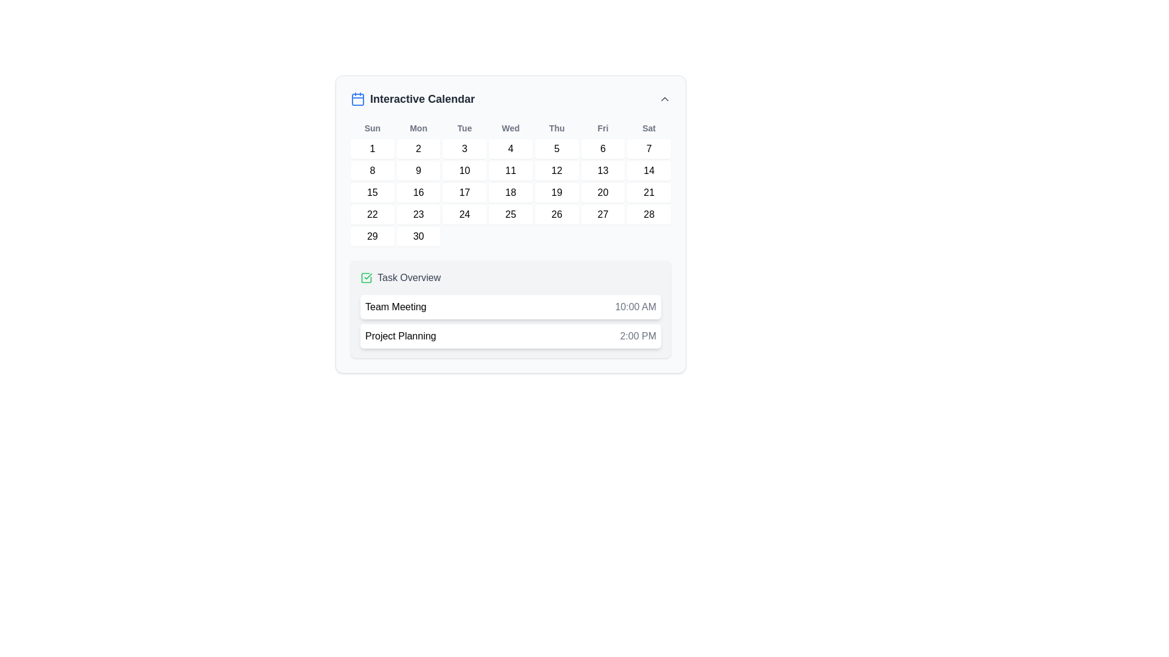 The image size is (1169, 657). What do you see at coordinates (603, 192) in the screenshot?
I see `the Button-like calendar day element displaying the number '20' located in the third row and sixth column of the calendar grid under the 'Fri' column` at bounding box center [603, 192].